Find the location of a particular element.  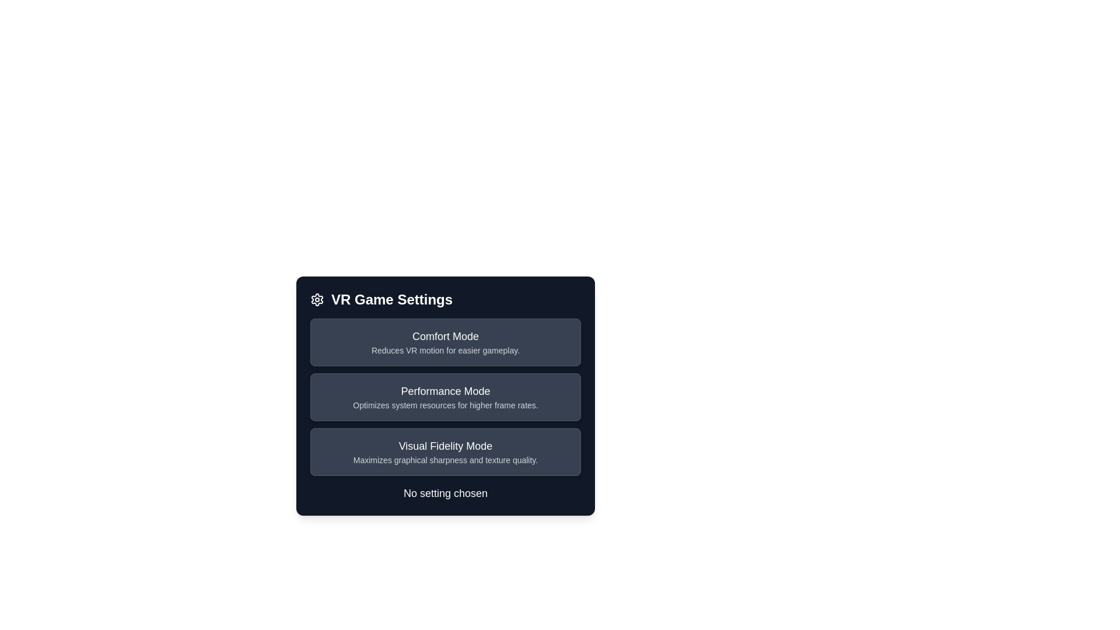

the 'Performance Mode' clickable list item in the 'VR Game Settings' is located at coordinates (444, 397).